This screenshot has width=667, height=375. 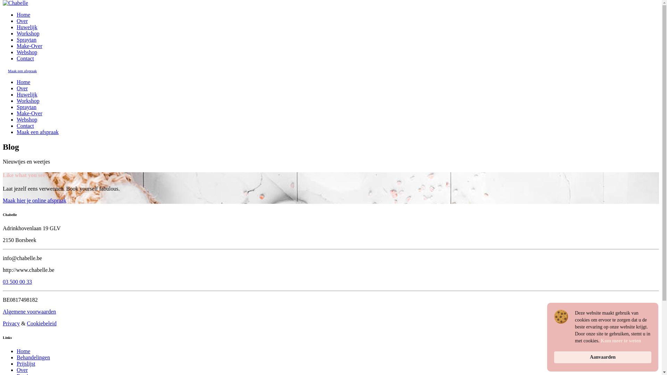 I want to click on 'Maak een afspraak', so click(x=22, y=71).